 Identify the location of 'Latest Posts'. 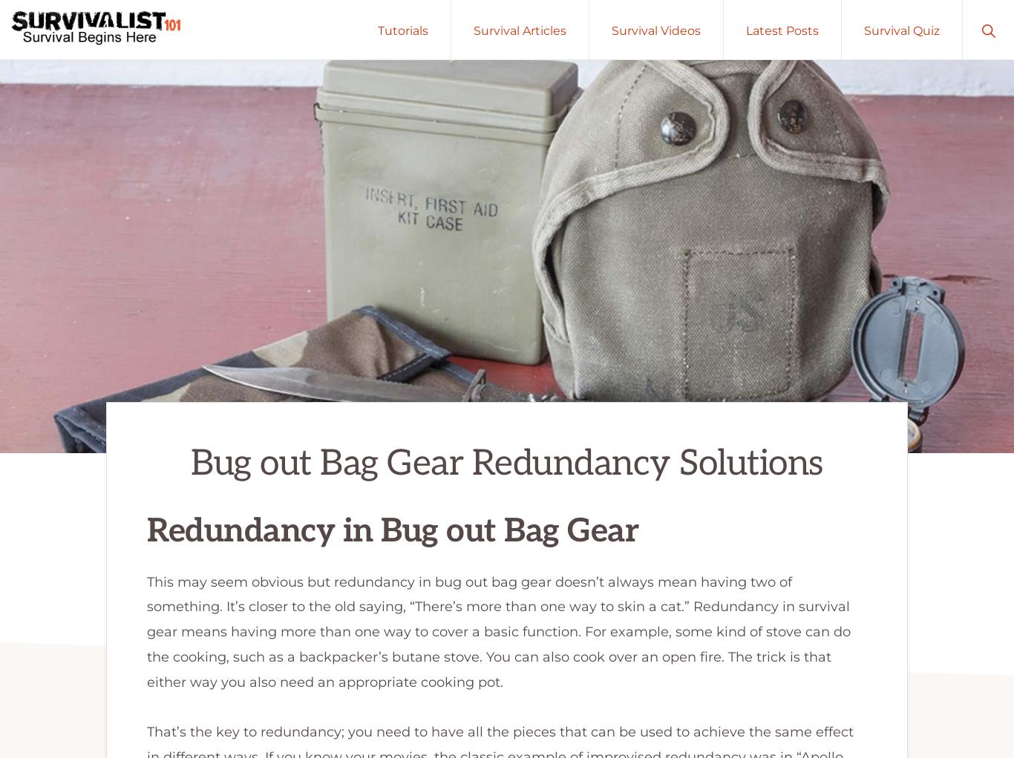
(745, 30).